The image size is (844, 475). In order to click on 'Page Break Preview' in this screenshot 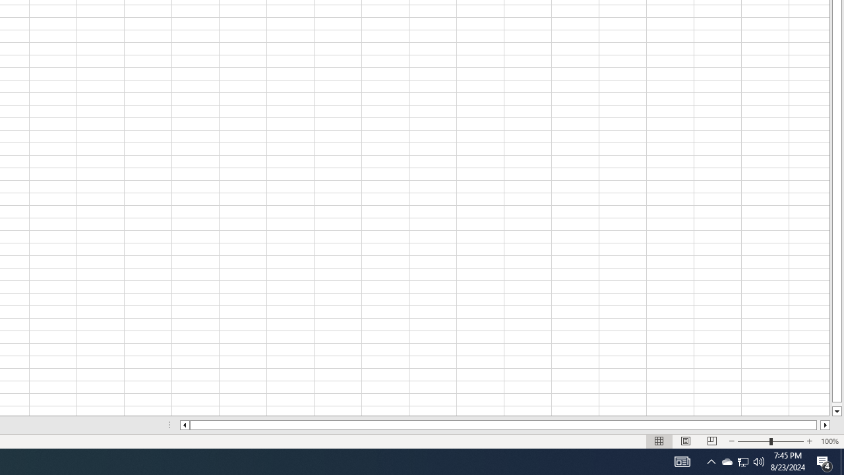, I will do `click(711, 441)`.